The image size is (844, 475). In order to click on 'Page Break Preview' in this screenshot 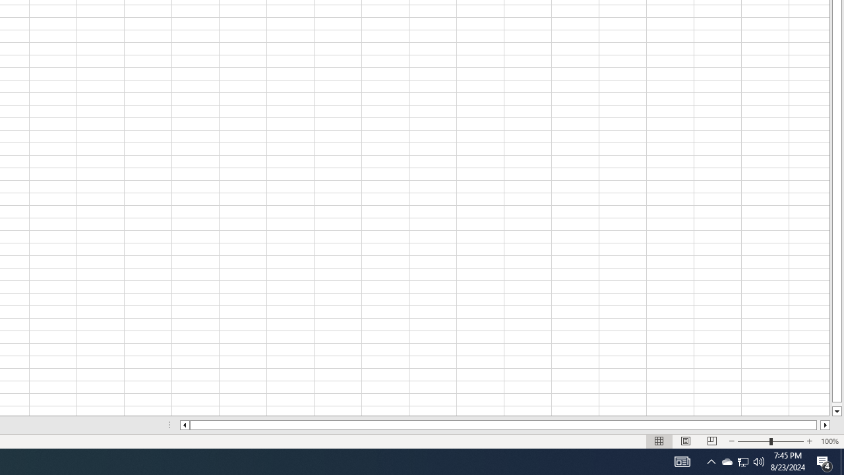, I will do `click(711, 441)`.